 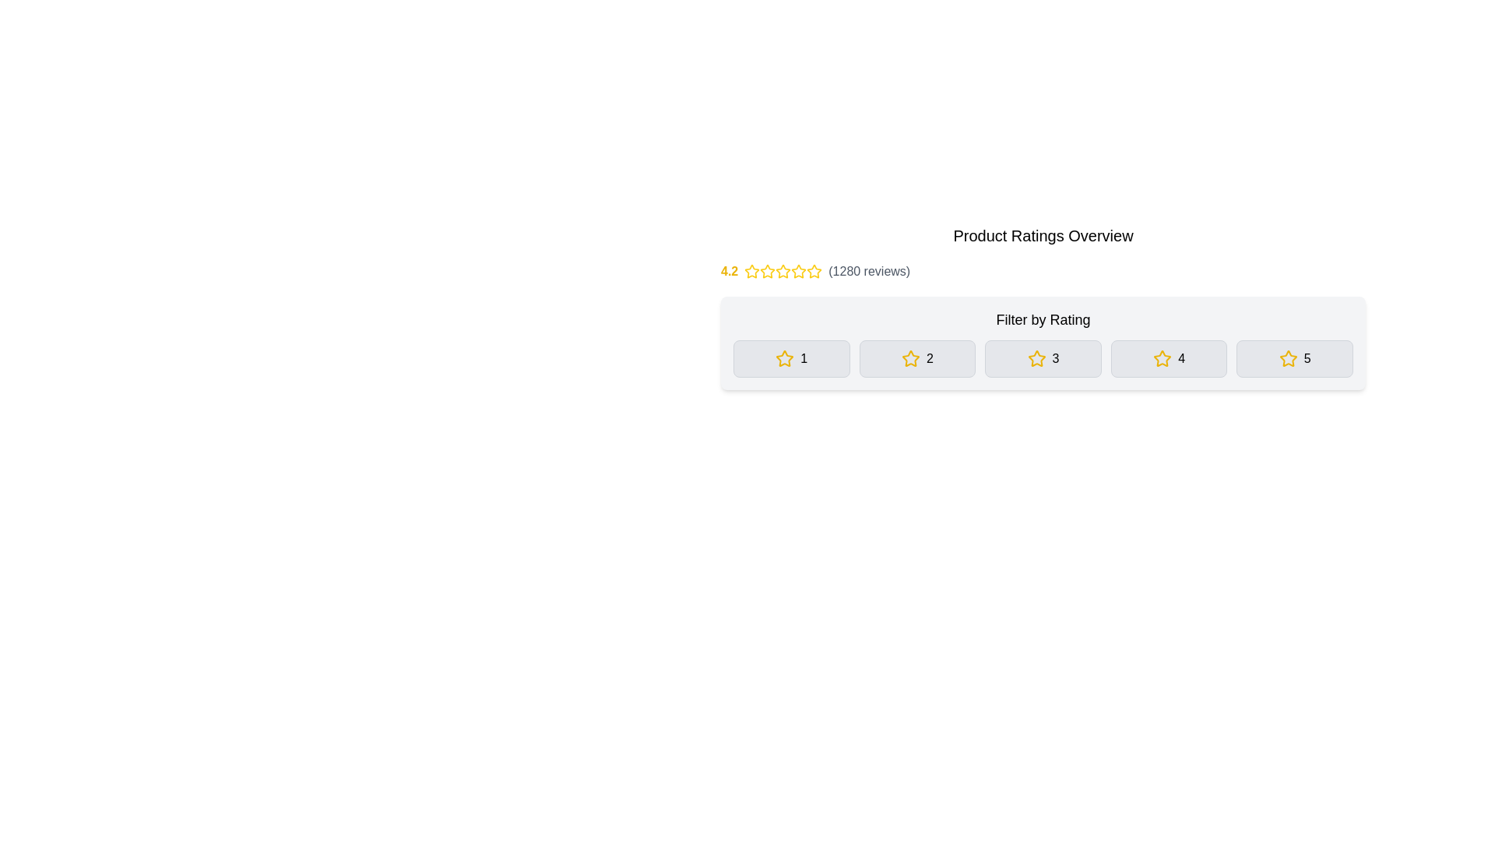 What do you see at coordinates (1043, 236) in the screenshot?
I see `label 'Product Ratings Overview', which is styled in a large, bold font and serves as the header for the ratings section located at the top of the structured ratings section` at bounding box center [1043, 236].